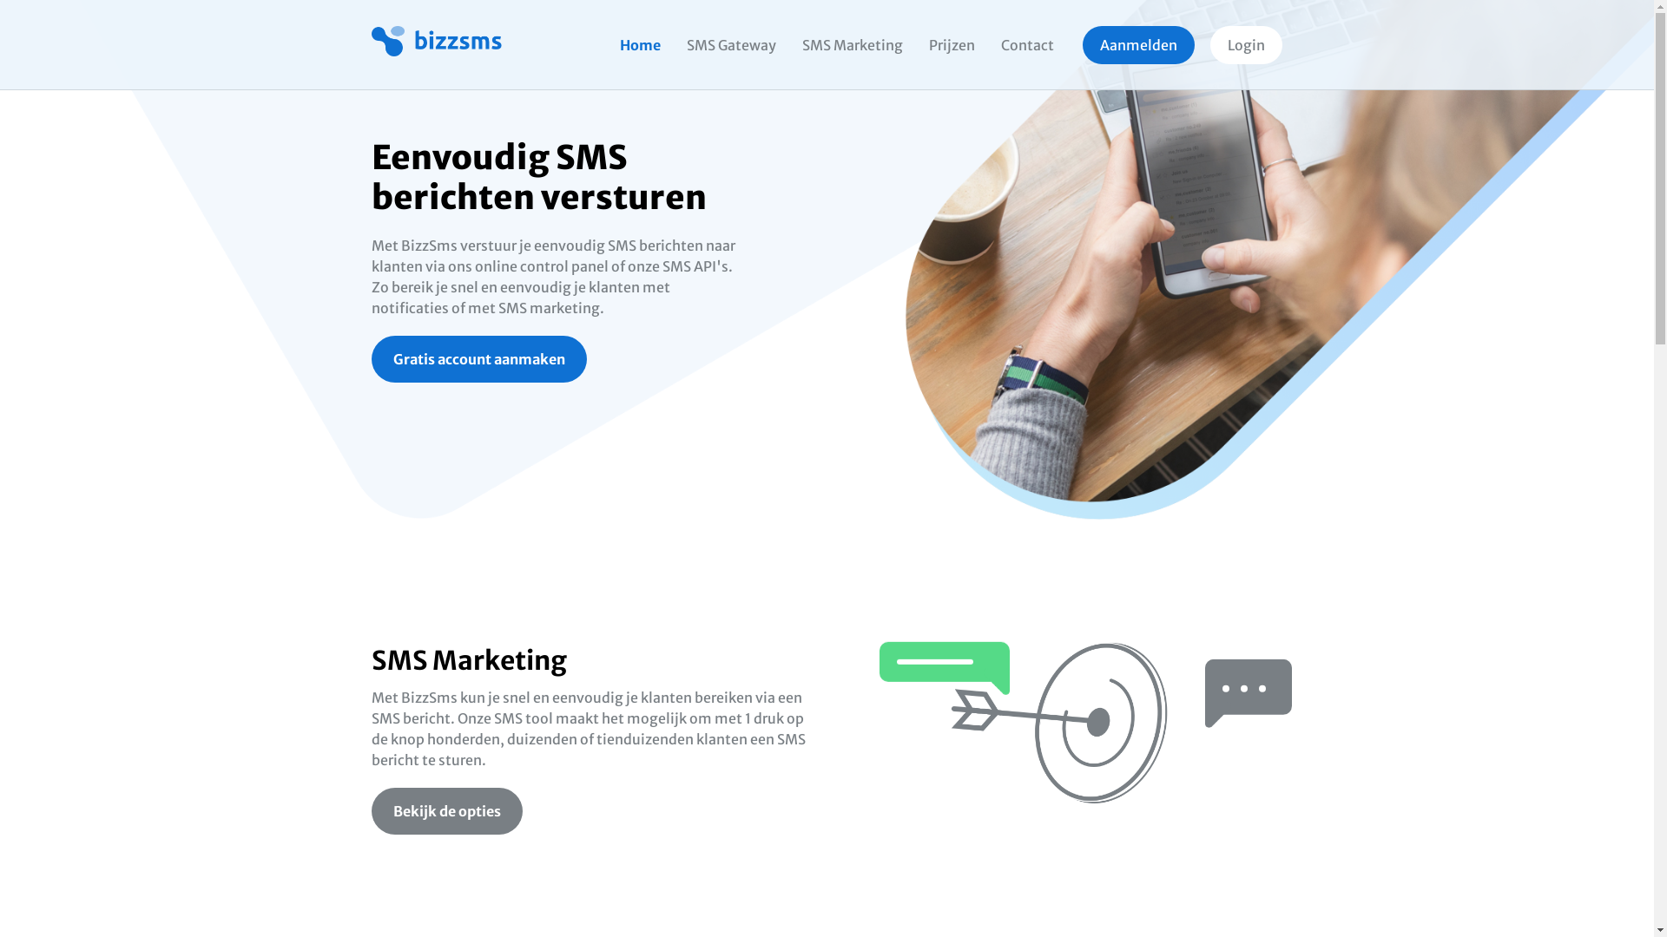 This screenshot has height=937, width=1667. I want to click on 'Bekijk de opties', so click(370, 810).